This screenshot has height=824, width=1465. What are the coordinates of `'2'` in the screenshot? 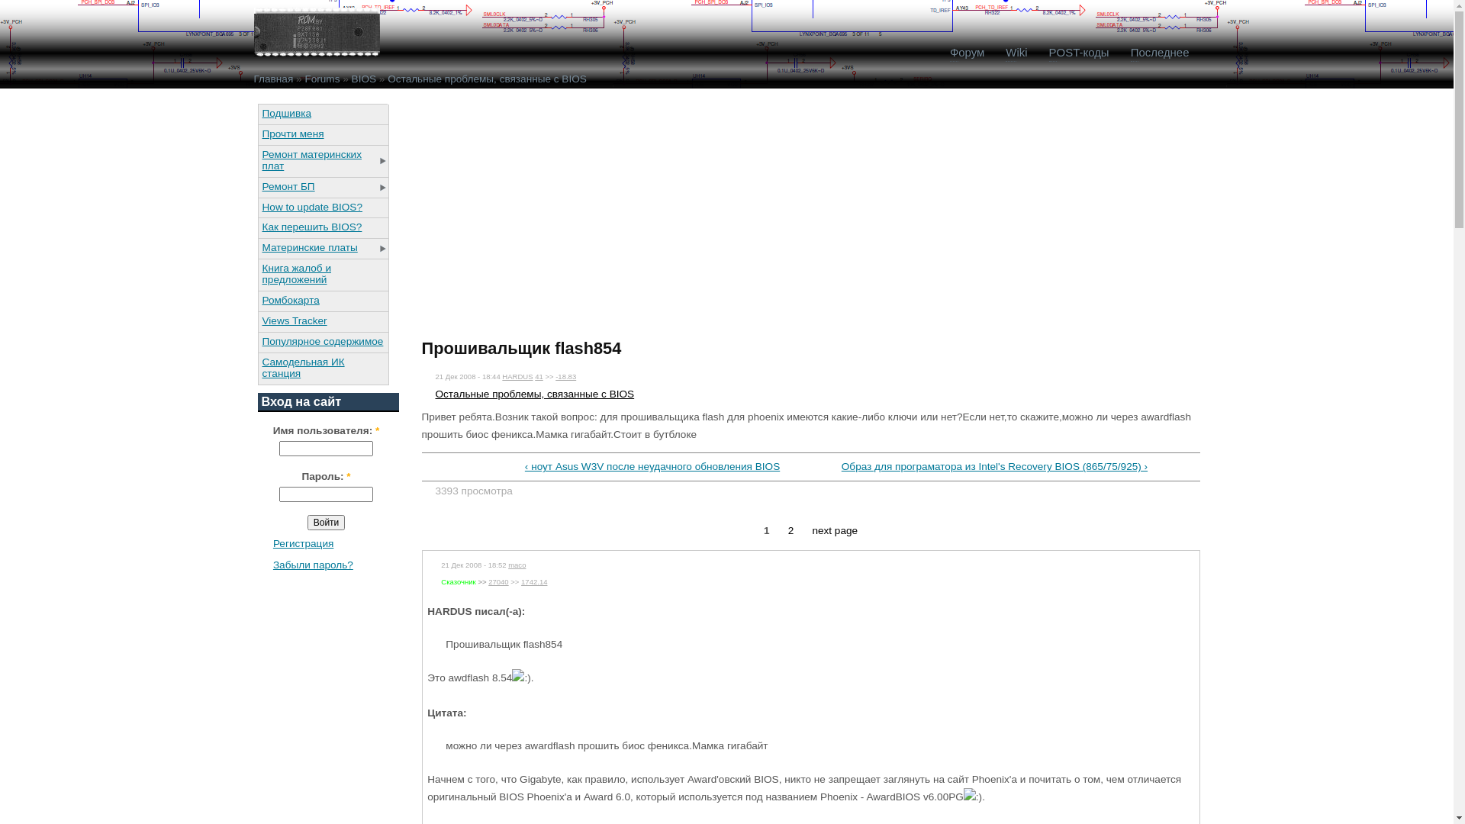 It's located at (787, 529).